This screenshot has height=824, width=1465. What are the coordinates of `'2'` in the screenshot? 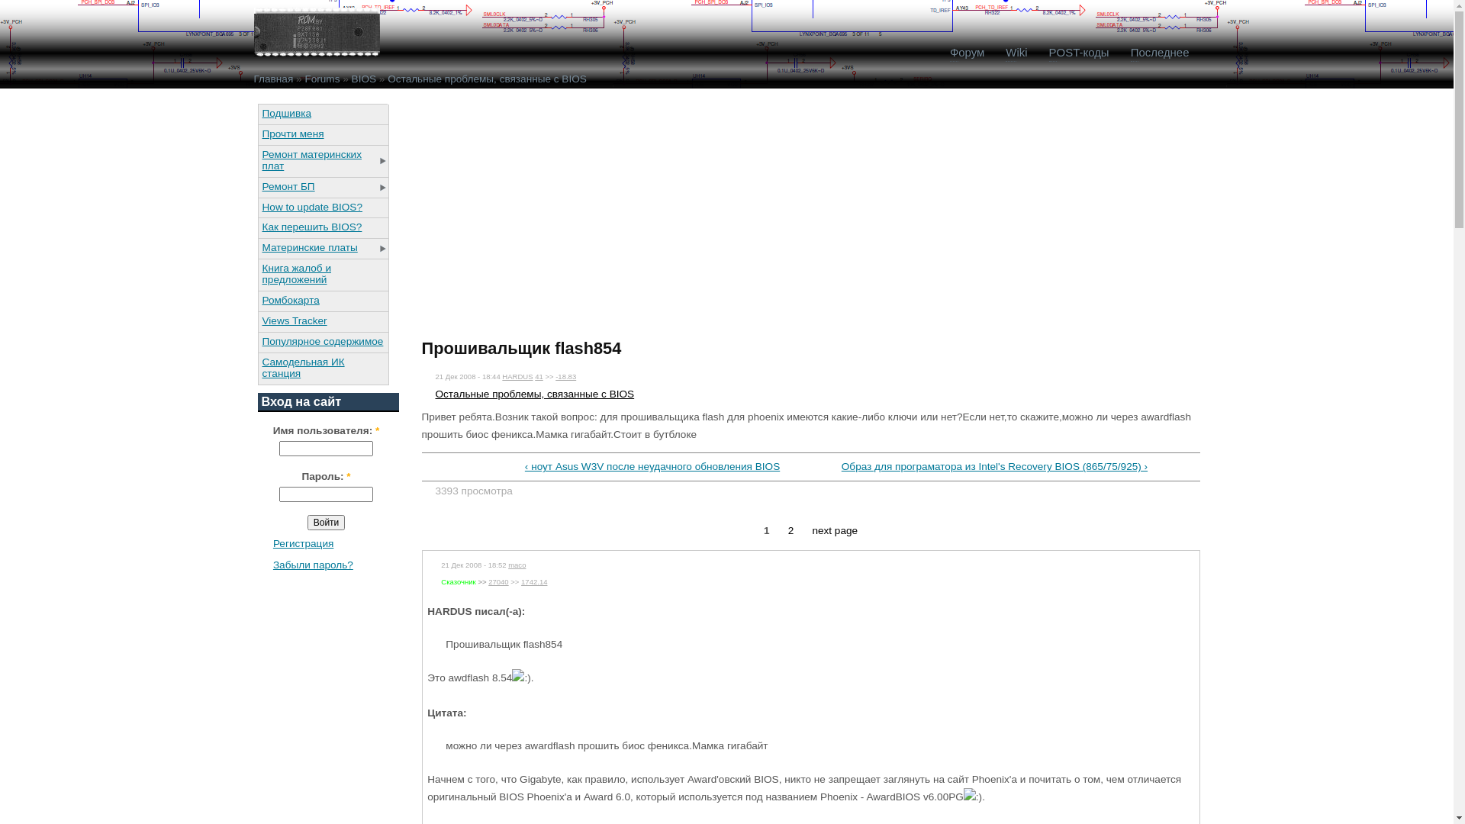 It's located at (787, 529).